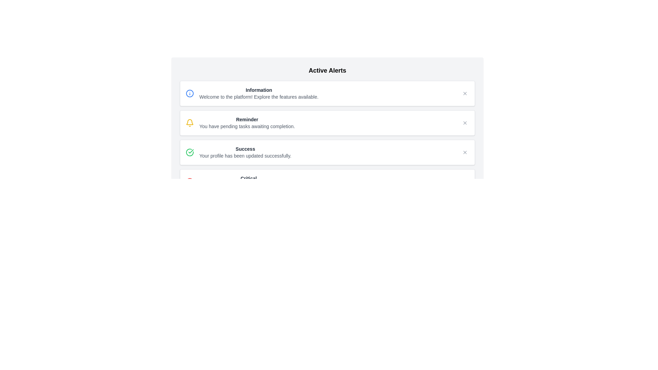  I want to click on the close icon located in the top right corner of the first notification box, so click(465, 94).